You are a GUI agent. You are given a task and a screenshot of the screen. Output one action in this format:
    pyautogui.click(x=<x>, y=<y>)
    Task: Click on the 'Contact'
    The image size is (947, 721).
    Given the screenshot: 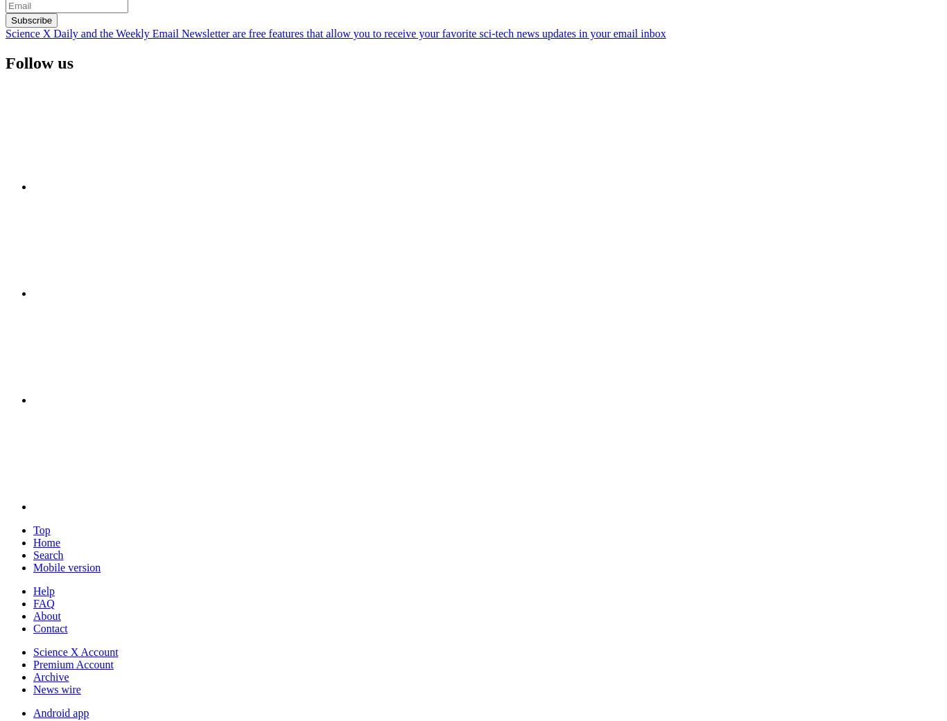 What is the action you would take?
    pyautogui.click(x=50, y=627)
    